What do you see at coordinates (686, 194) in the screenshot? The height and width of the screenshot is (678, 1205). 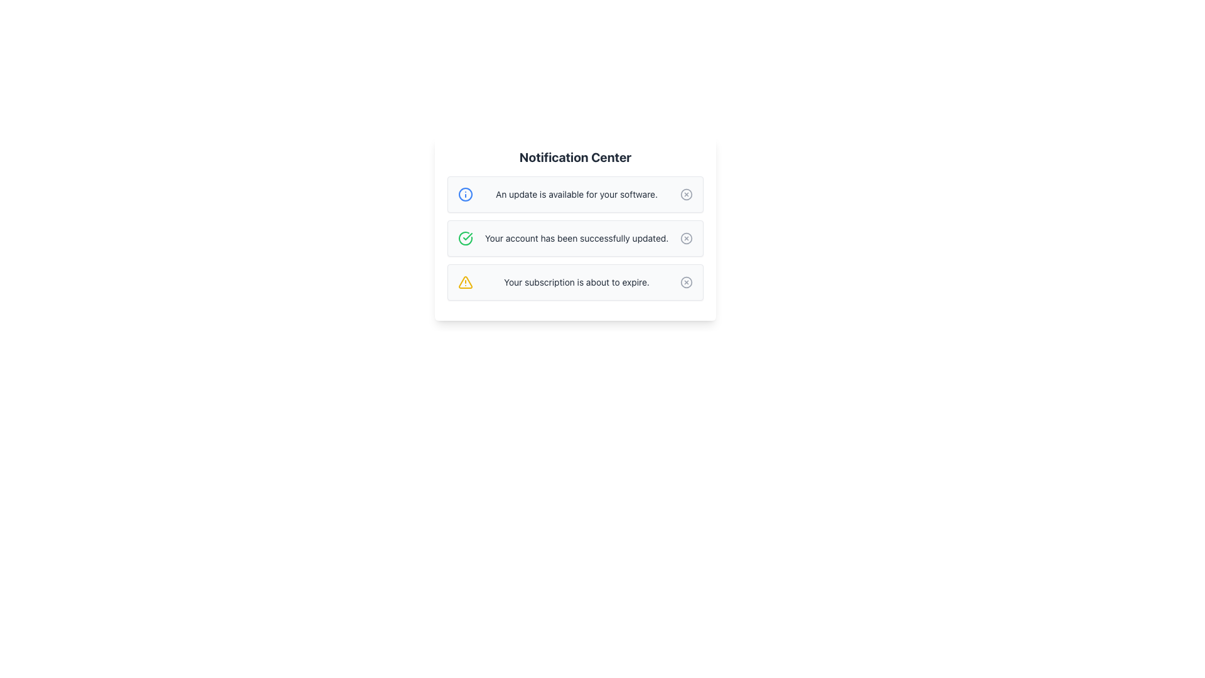 I see `the action button located on the far right of the first notification entry in the 'Notification Center' panel` at bounding box center [686, 194].